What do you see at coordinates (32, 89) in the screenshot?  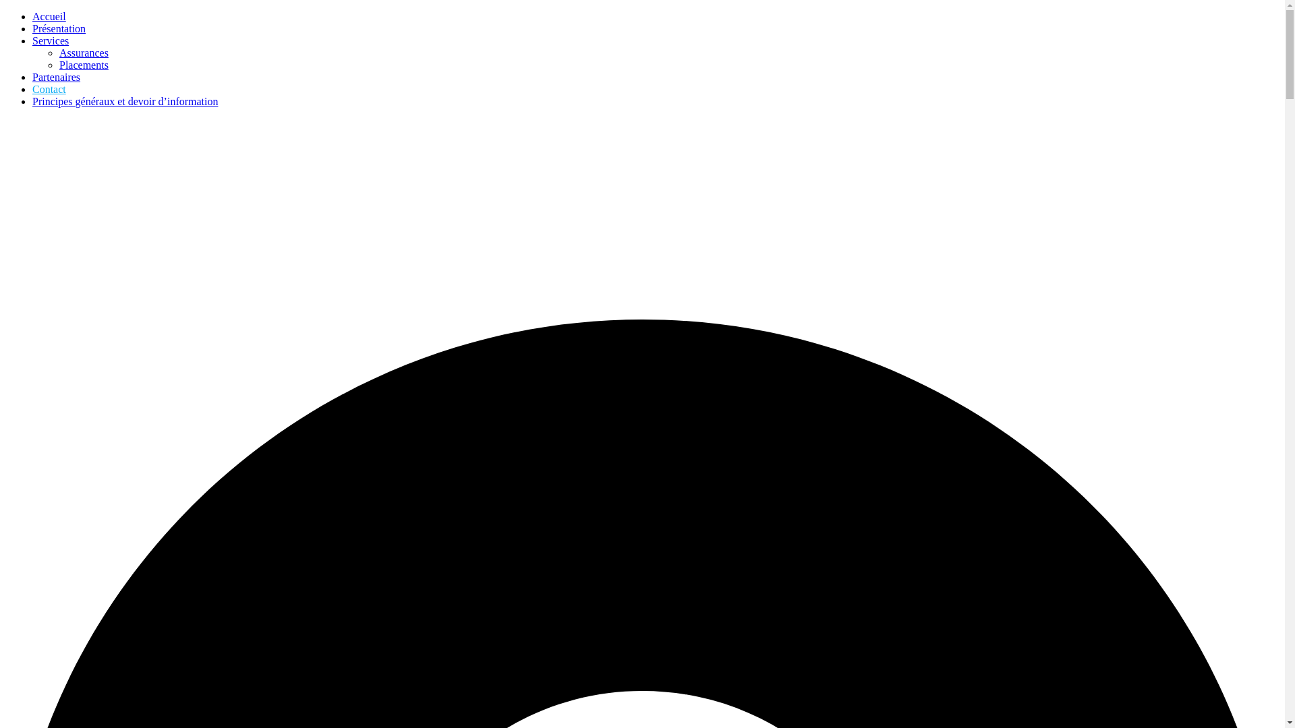 I see `'Contact'` at bounding box center [32, 89].